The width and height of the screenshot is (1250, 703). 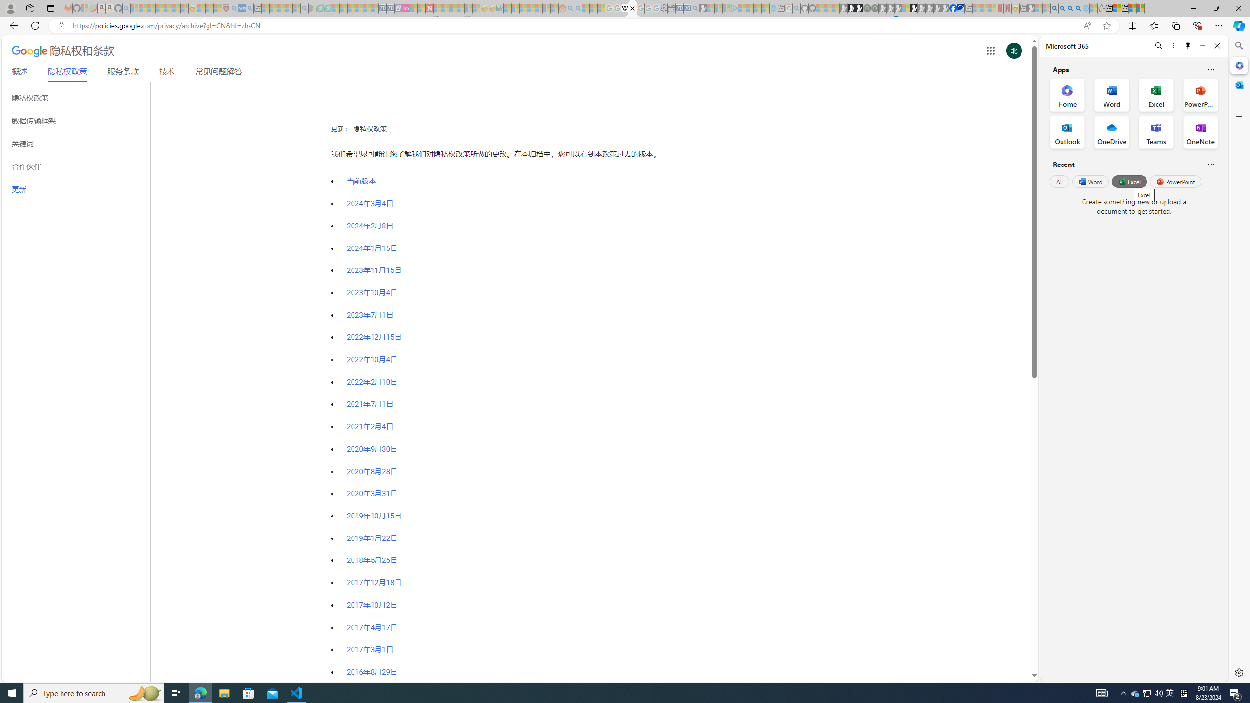 What do you see at coordinates (796, 8) in the screenshot?
I see `'github - Search - Sleeping'` at bounding box center [796, 8].